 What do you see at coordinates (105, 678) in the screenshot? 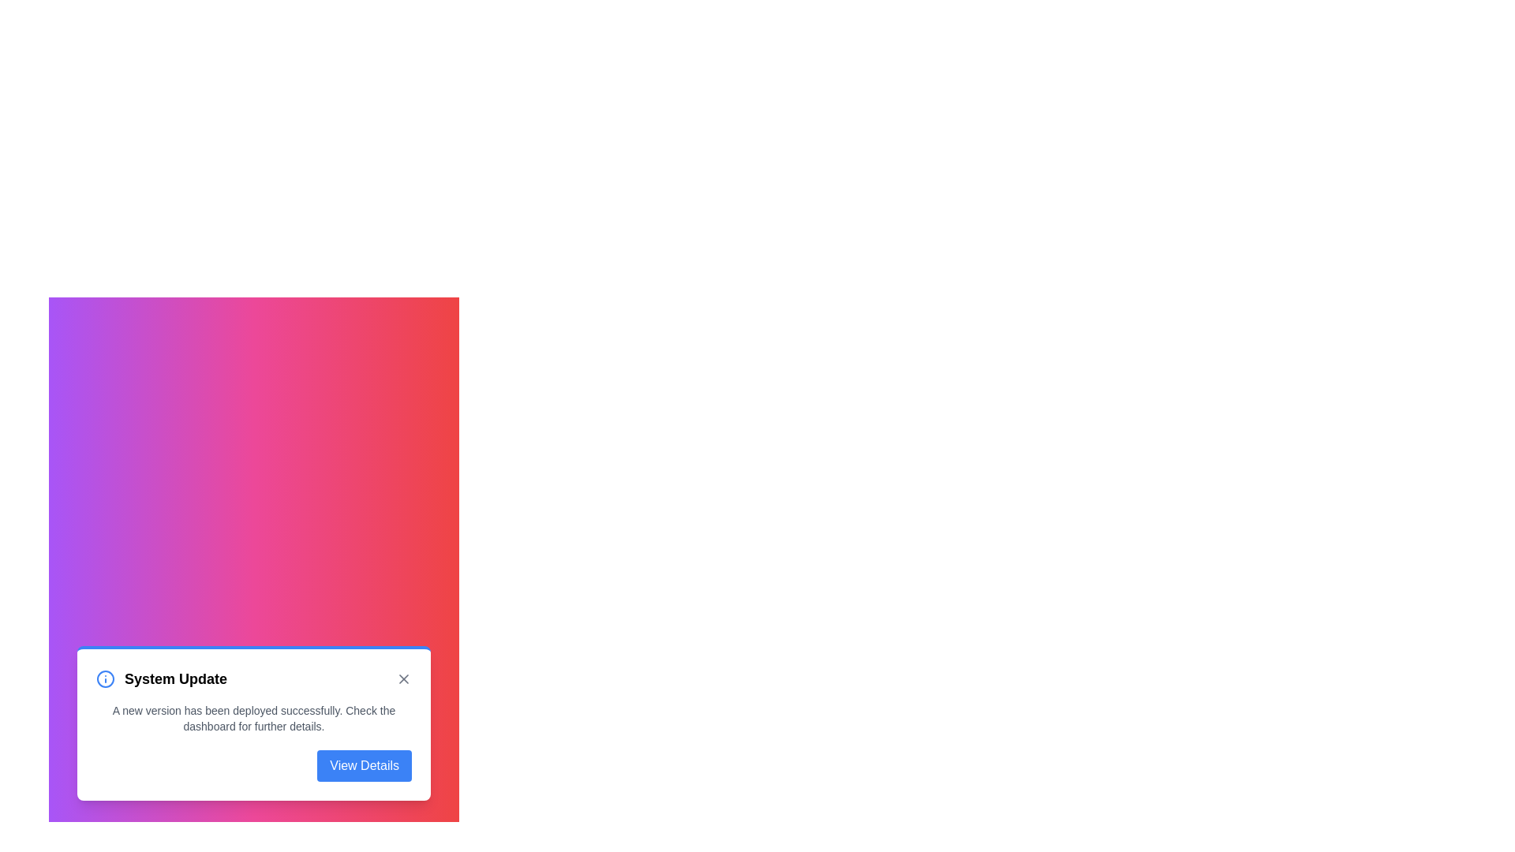
I see `the blue circular outline icon with a center dot and vertical line below it, which is positioned to the left of the 'System Update' text in the update notification box` at bounding box center [105, 678].